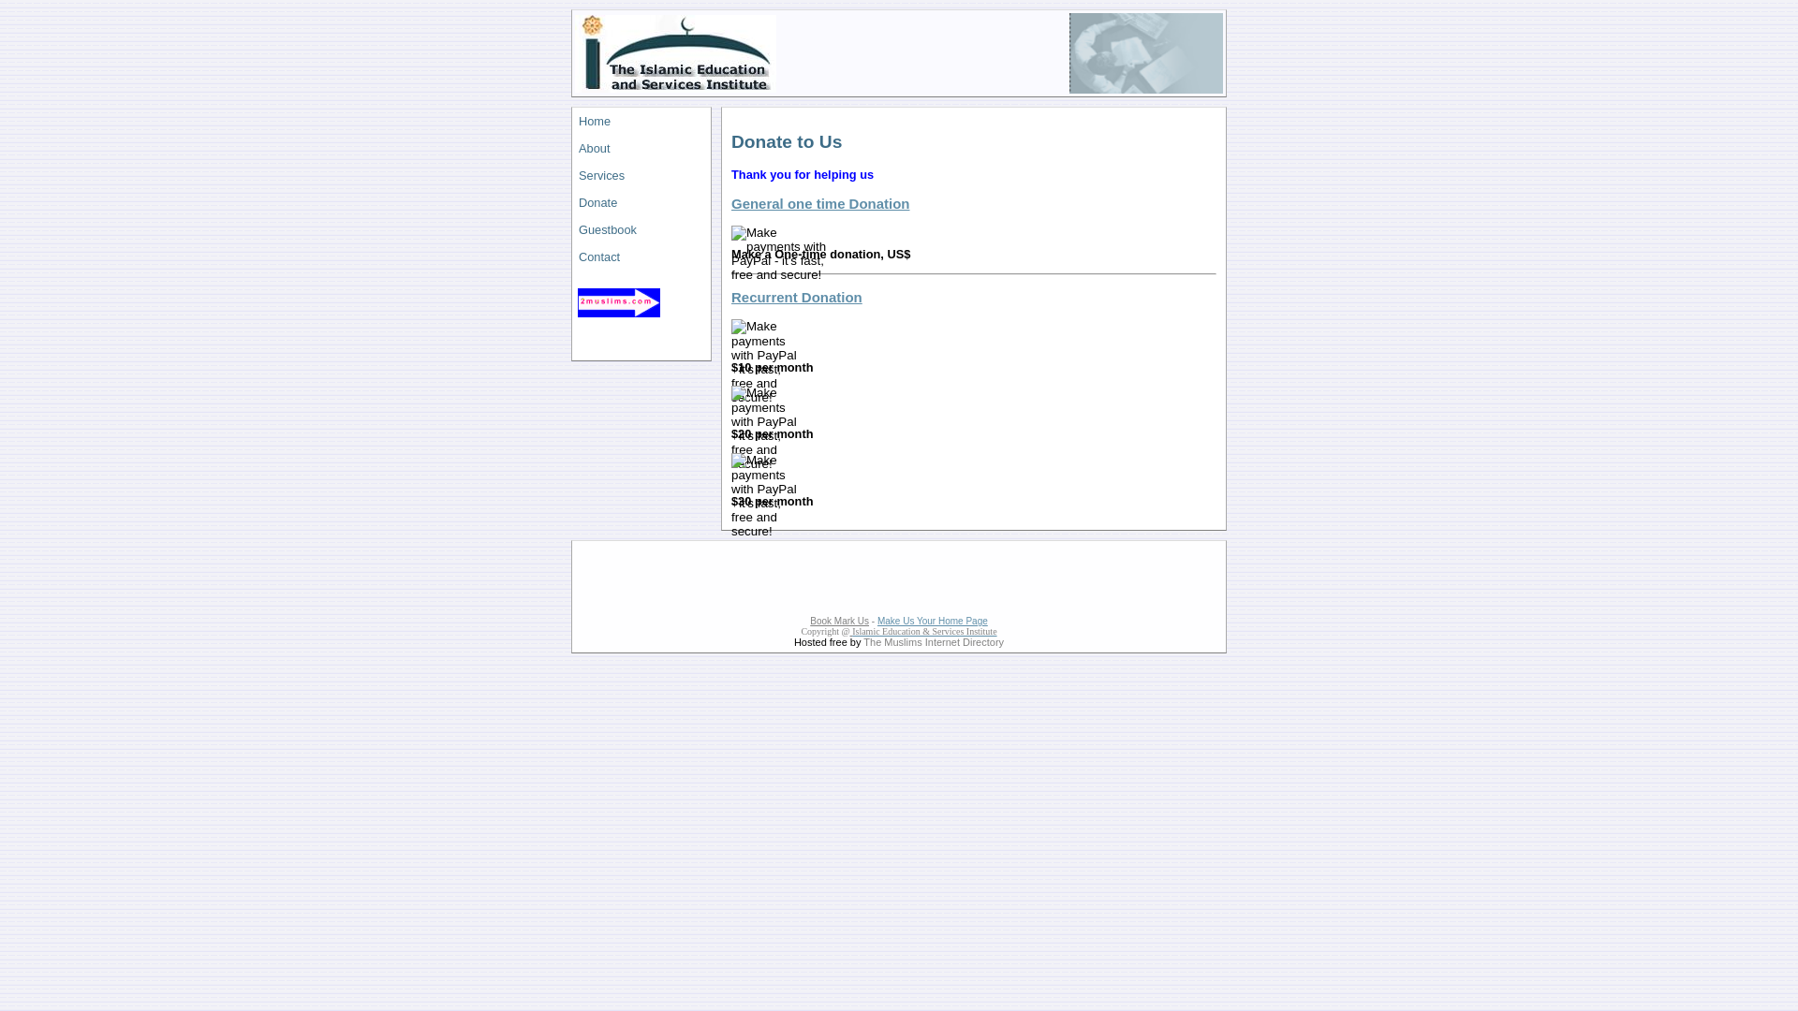 This screenshot has height=1011, width=1798. Describe the element at coordinates (820, 203) in the screenshot. I see `'General one time Donation'` at that location.